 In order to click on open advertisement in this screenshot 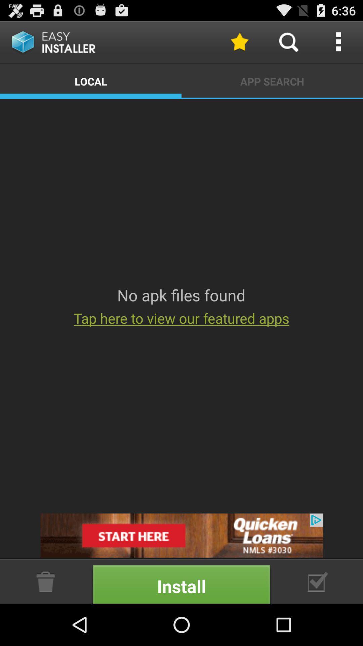, I will do `click(182, 535)`.